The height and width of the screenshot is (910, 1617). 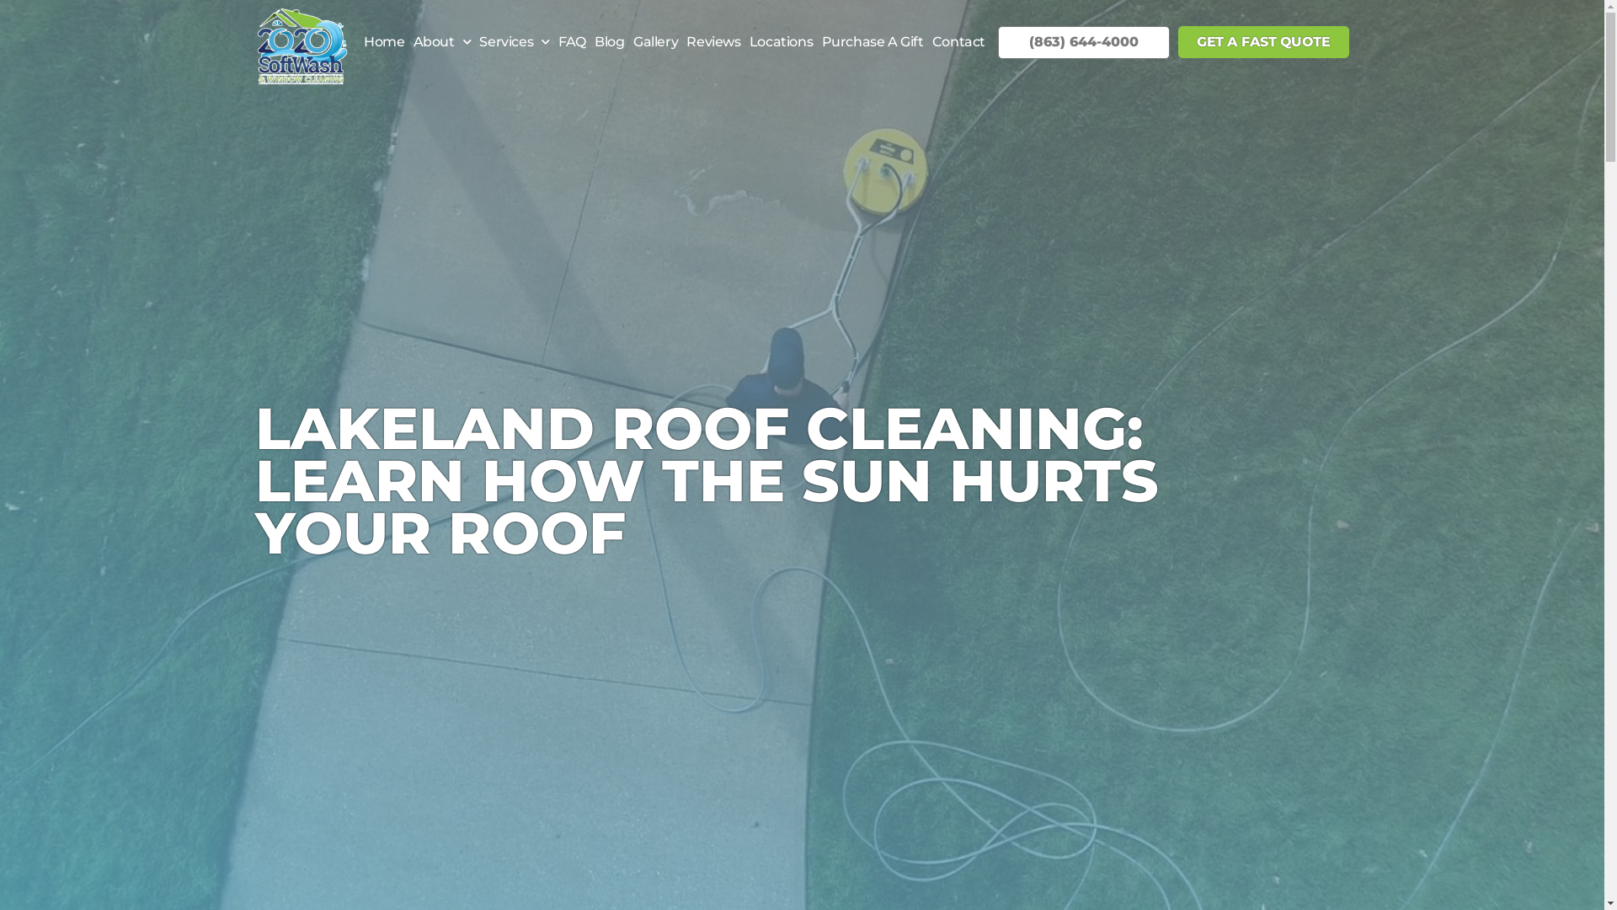 I want to click on 'FAQ', so click(x=572, y=41).